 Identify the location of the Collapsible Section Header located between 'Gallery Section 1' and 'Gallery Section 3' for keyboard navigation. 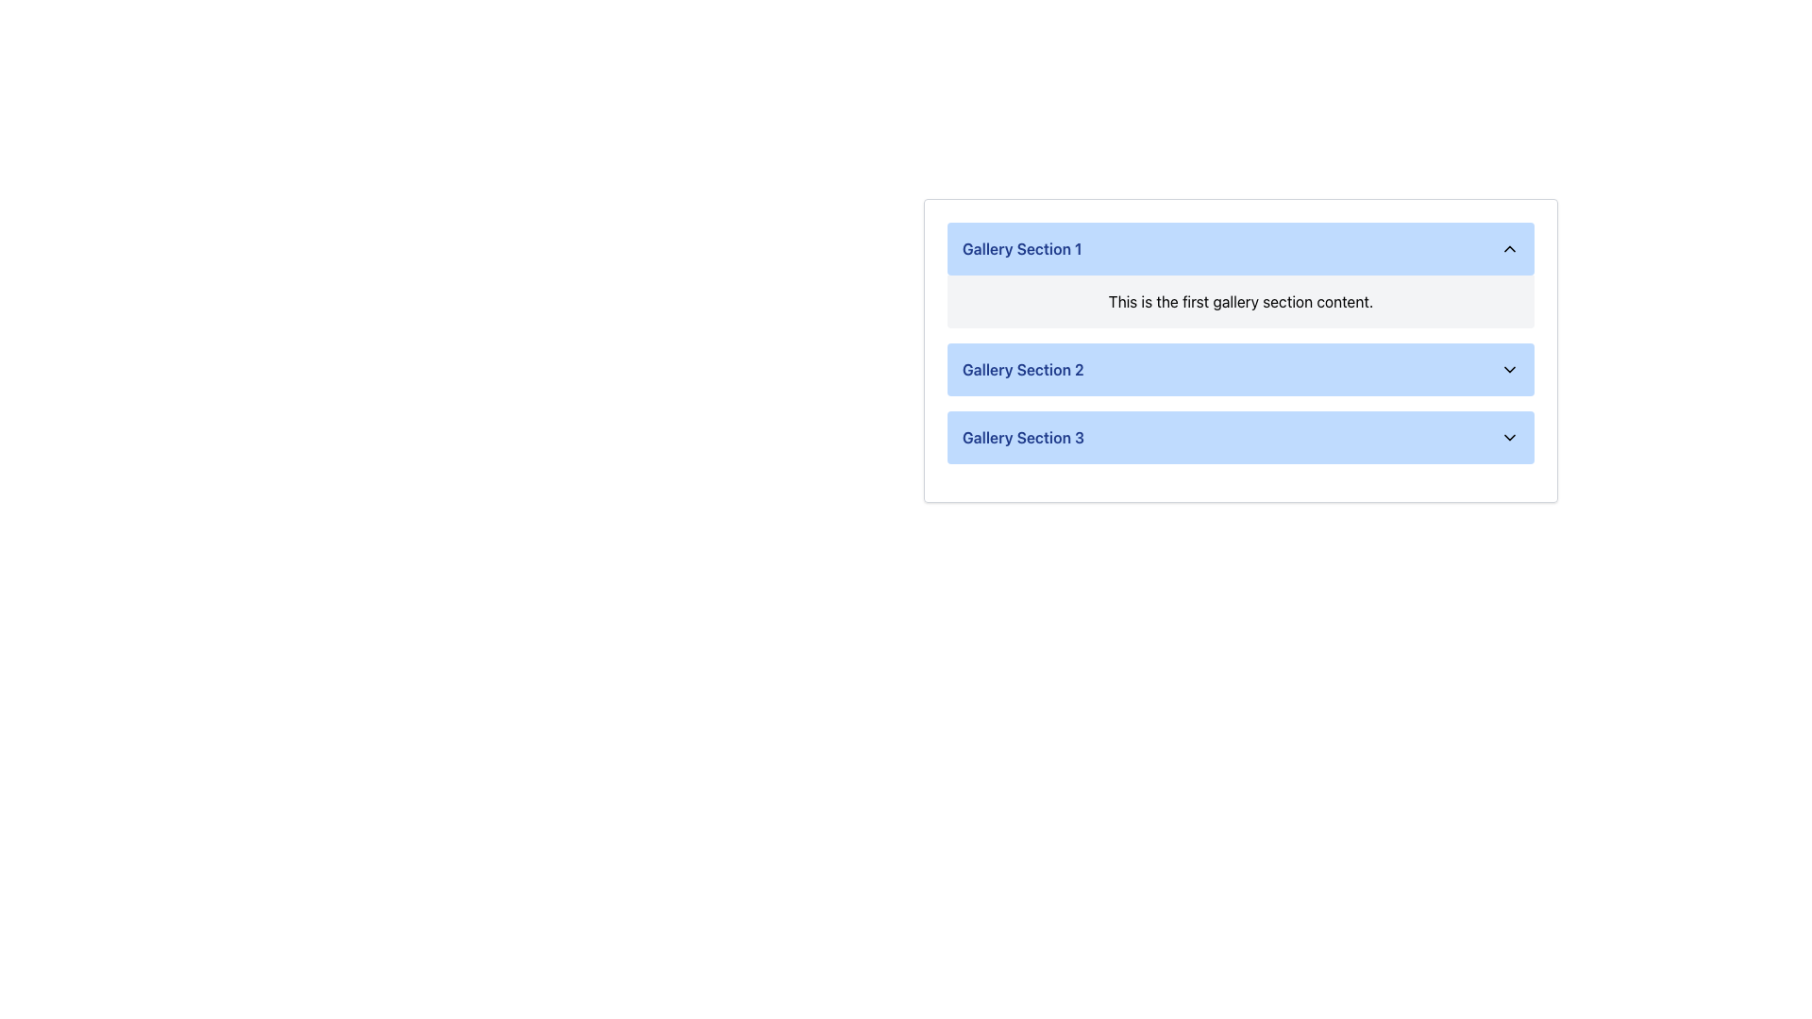
(1241, 370).